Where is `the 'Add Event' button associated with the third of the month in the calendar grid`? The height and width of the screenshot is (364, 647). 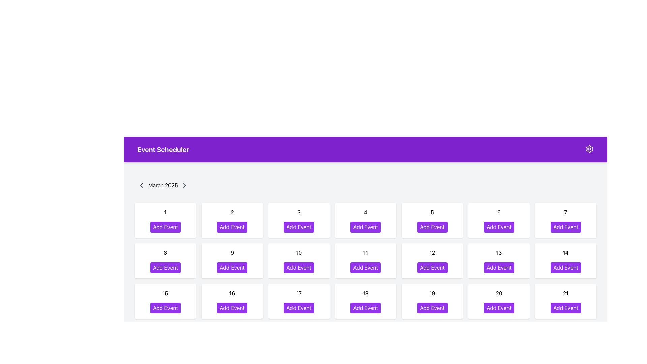 the 'Add Event' button associated with the third of the month in the calendar grid is located at coordinates (299, 227).